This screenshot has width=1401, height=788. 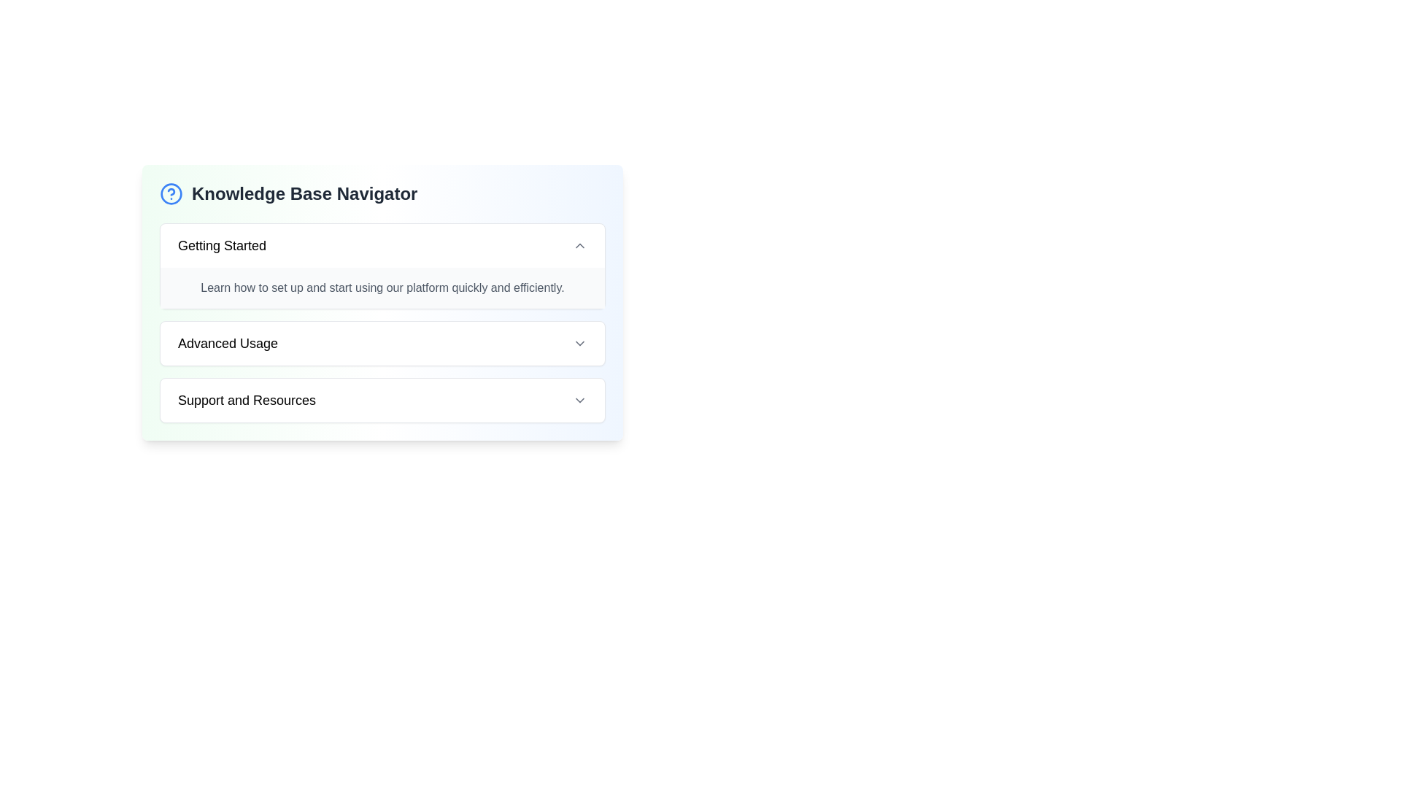 I want to click on the 'Advanced Usage' collapsible list item in the Knowledge Base Navigator to change the background color, so click(x=382, y=343).